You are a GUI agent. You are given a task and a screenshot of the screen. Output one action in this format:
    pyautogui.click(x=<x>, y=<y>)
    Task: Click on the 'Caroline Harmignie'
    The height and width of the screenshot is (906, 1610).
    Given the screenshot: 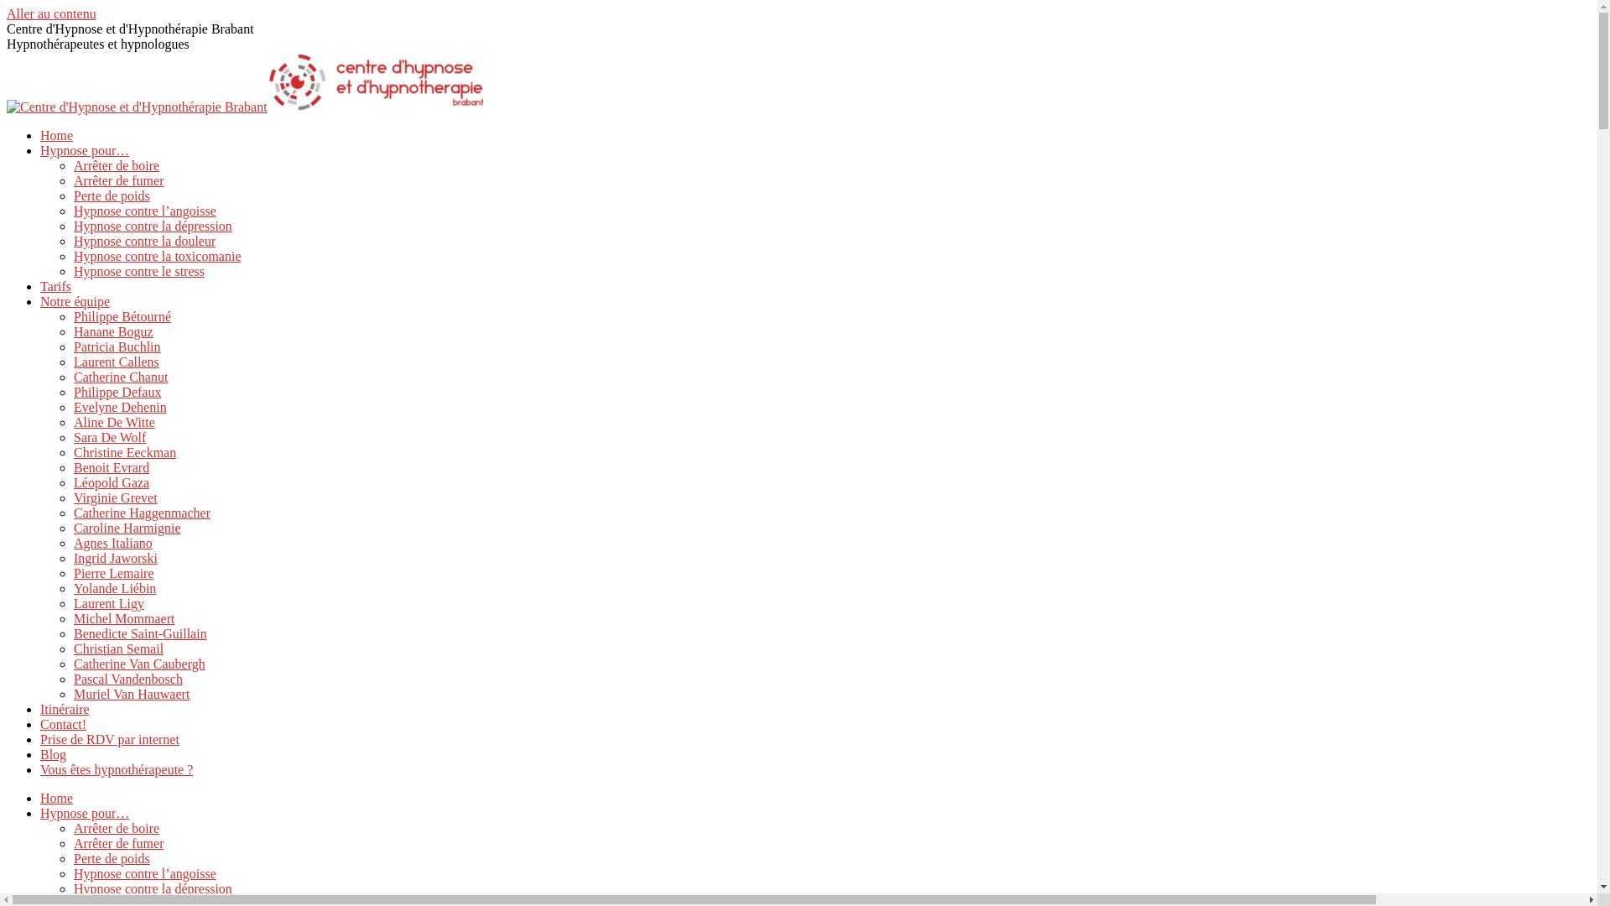 What is the action you would take?
    pyautogui.click(x=127, y=527)
    